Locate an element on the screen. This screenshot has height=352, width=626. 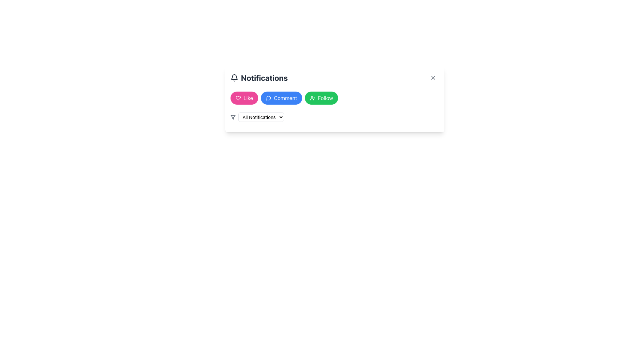
the green 'Follow' button with rounded edges, located to the right of the blue 'Comment' button and to the left of a dropdown element is located at coordinates (335, 99).